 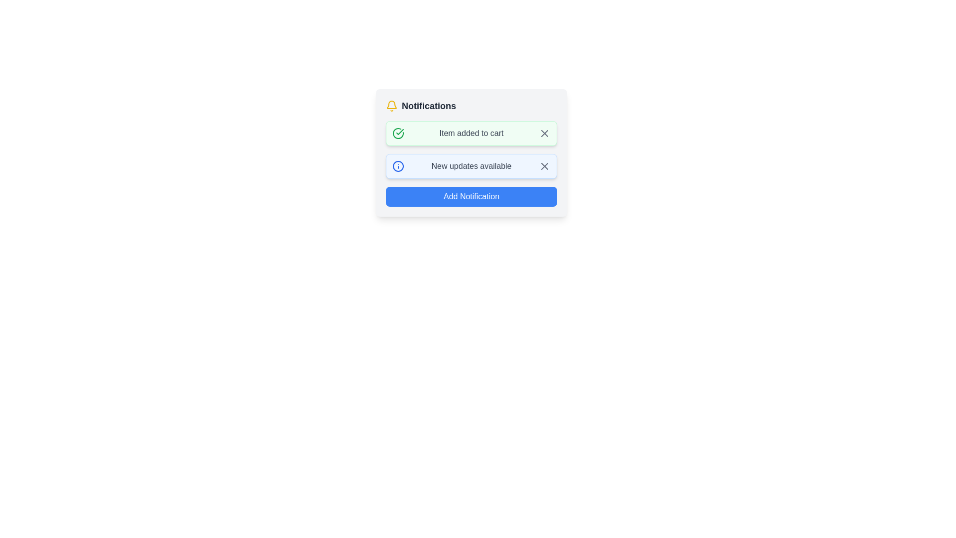 I want to click on the close or dismiss button icon, which is an 'X' symbol located at the rightmost end of the second notification row, so click(x=544, y=166).